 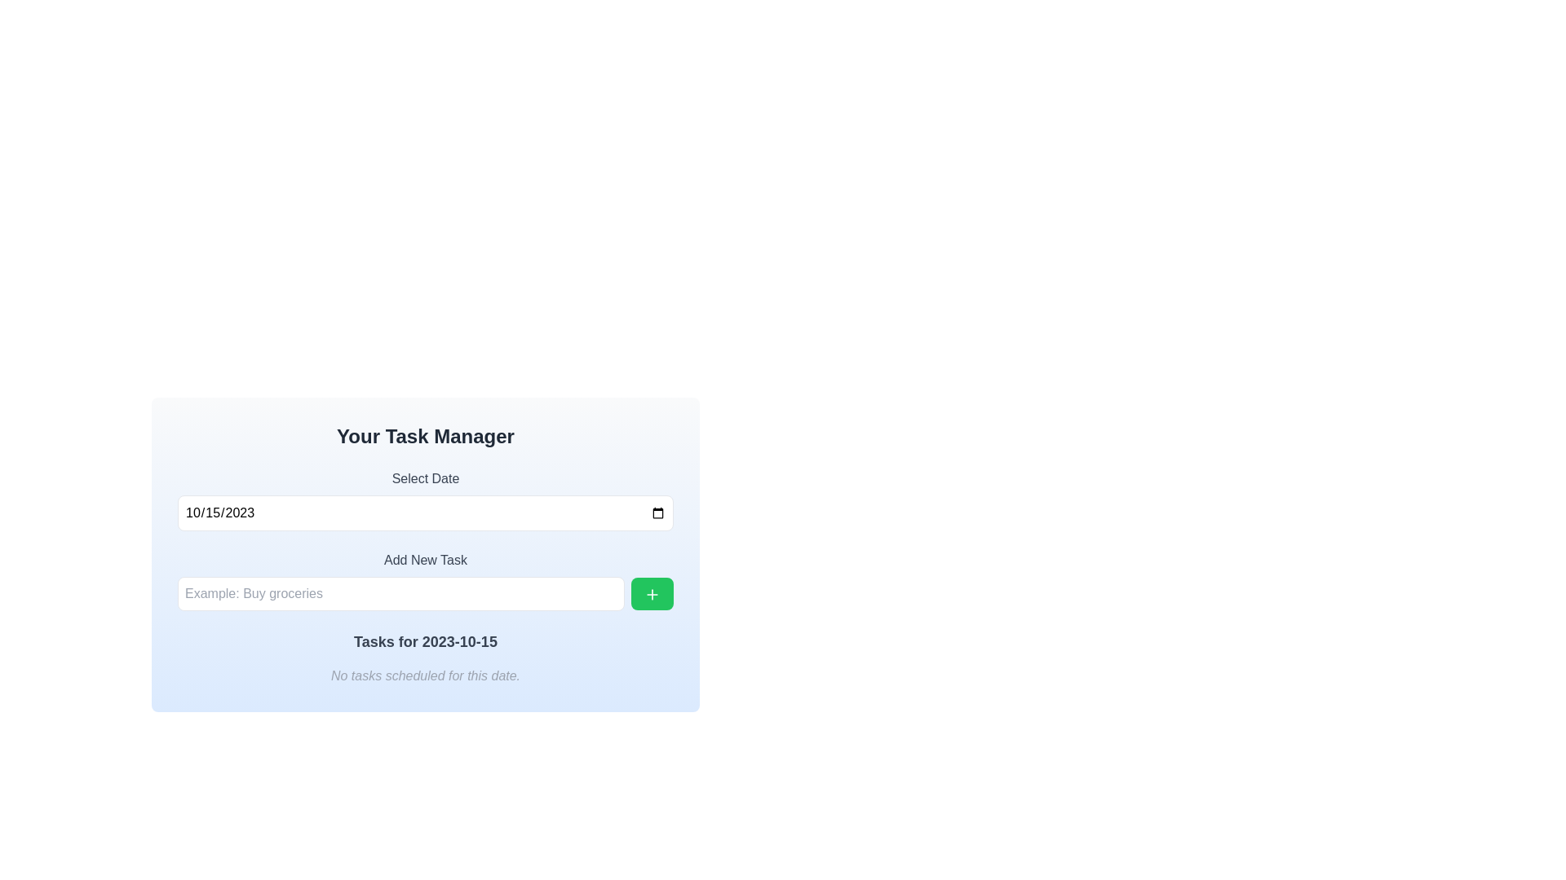 I want to click on the static text message that reads 'No tasks scheduled for this date.', which is styled in italic gray and positioned below the header 'Tasks for 2023-10-15', so click(x=426, y=675).